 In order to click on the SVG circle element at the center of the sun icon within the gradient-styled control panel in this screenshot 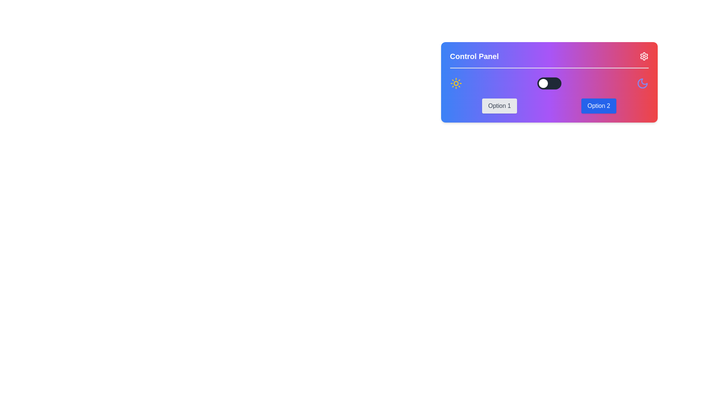, I will do `click(455, 83)`.